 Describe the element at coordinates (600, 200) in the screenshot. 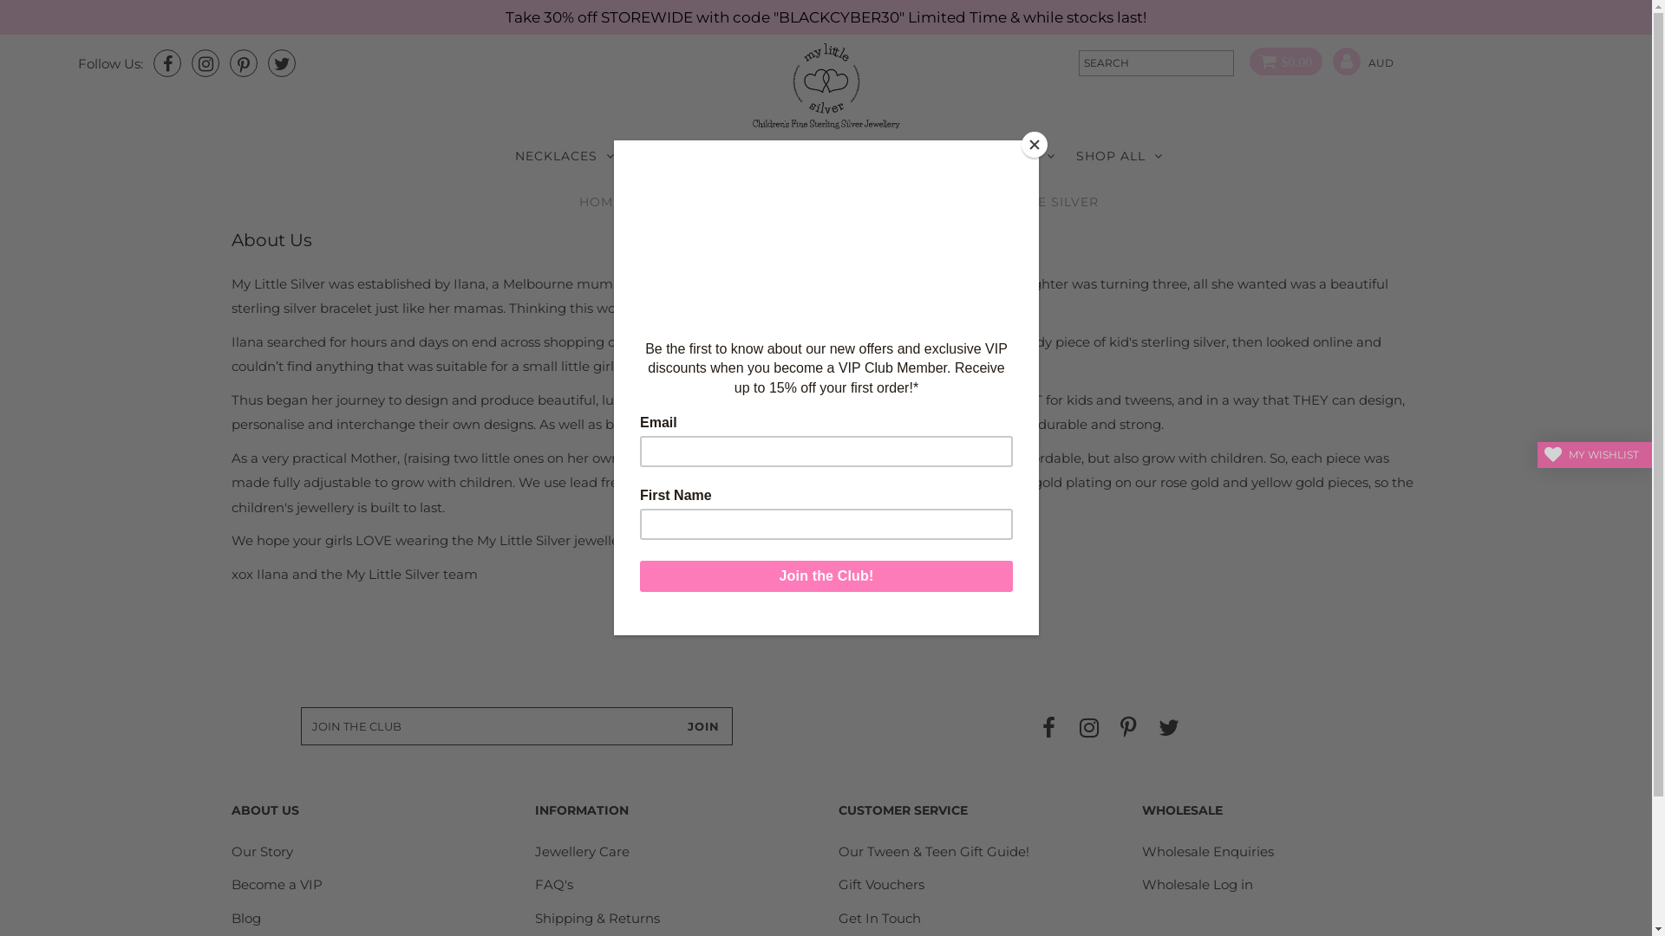

I see `'HOME'` at that location.